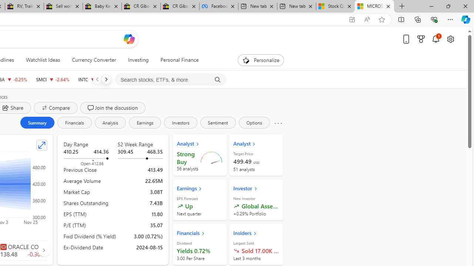  Describe the element at coordinates (254, 122) in the screenshot. I see `'Options'` at that location.